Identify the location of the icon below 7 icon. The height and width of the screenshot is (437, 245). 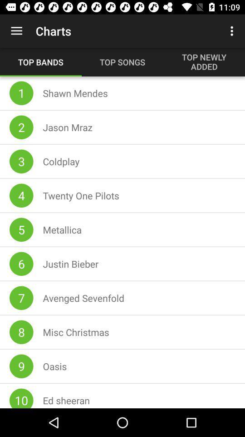
(21, 331).